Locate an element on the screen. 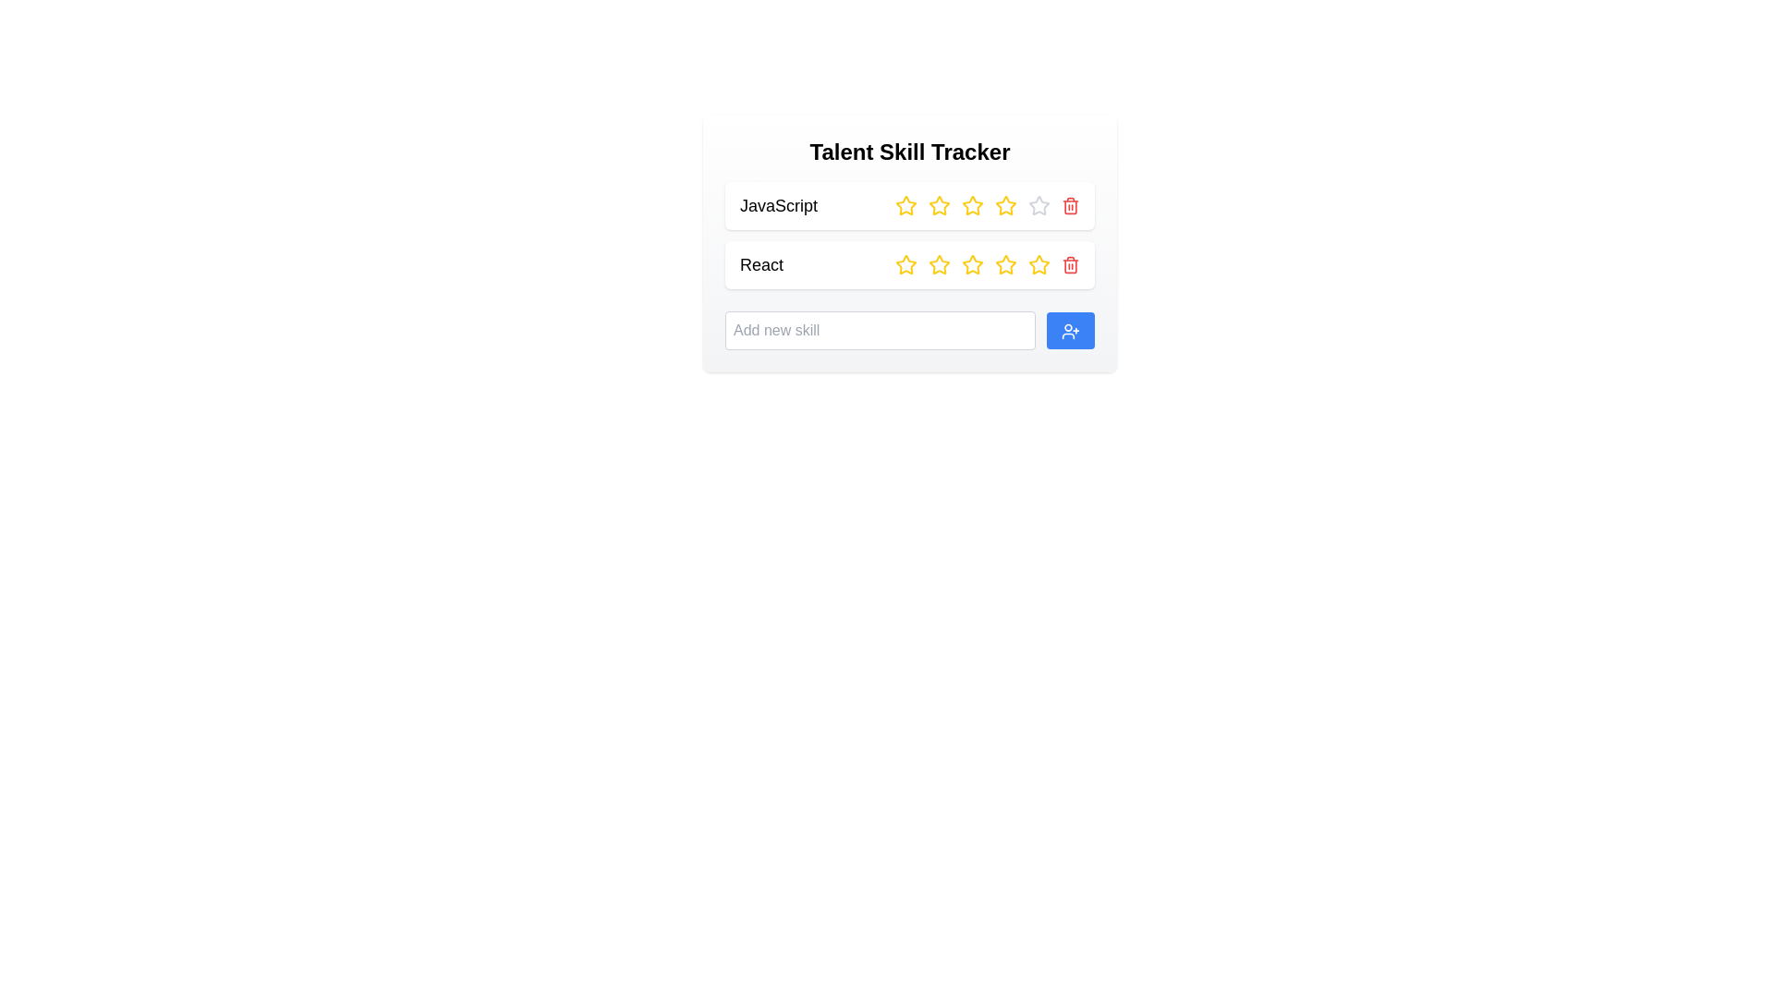  the second star icon in the horizontal row of rating stars for the 'JavaScript' skill in the 'Talent Skill Tracker' interface is located at coordinates (940, 206).